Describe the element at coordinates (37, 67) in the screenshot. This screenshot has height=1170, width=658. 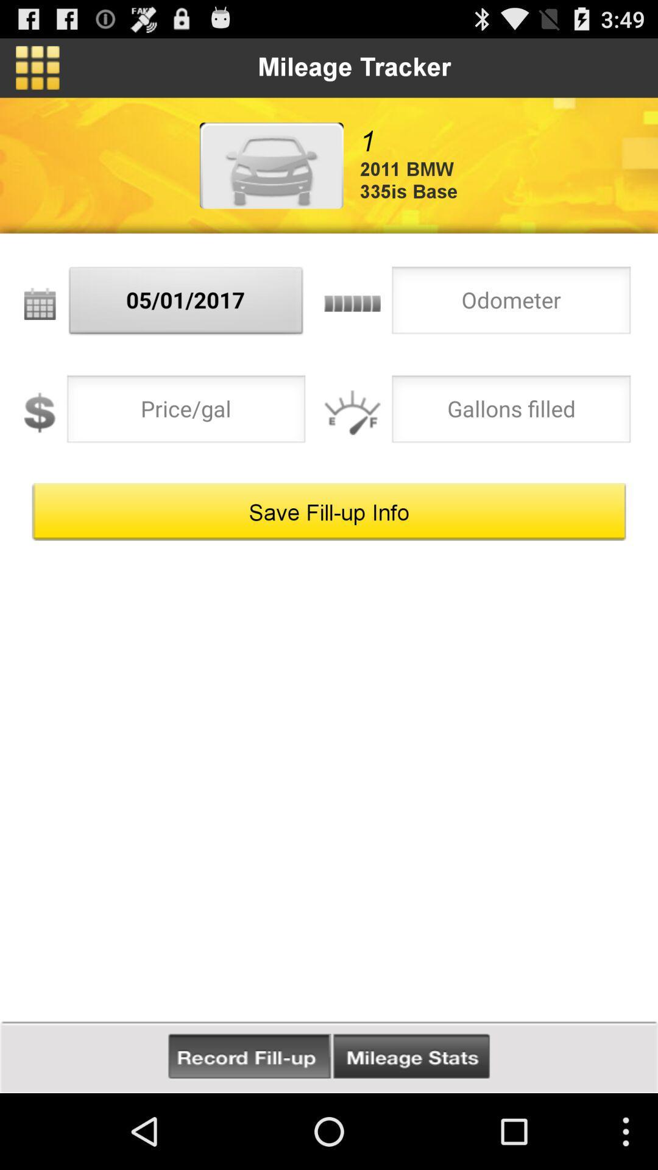
I see `the app to the left of mileage tracker item` at that location.